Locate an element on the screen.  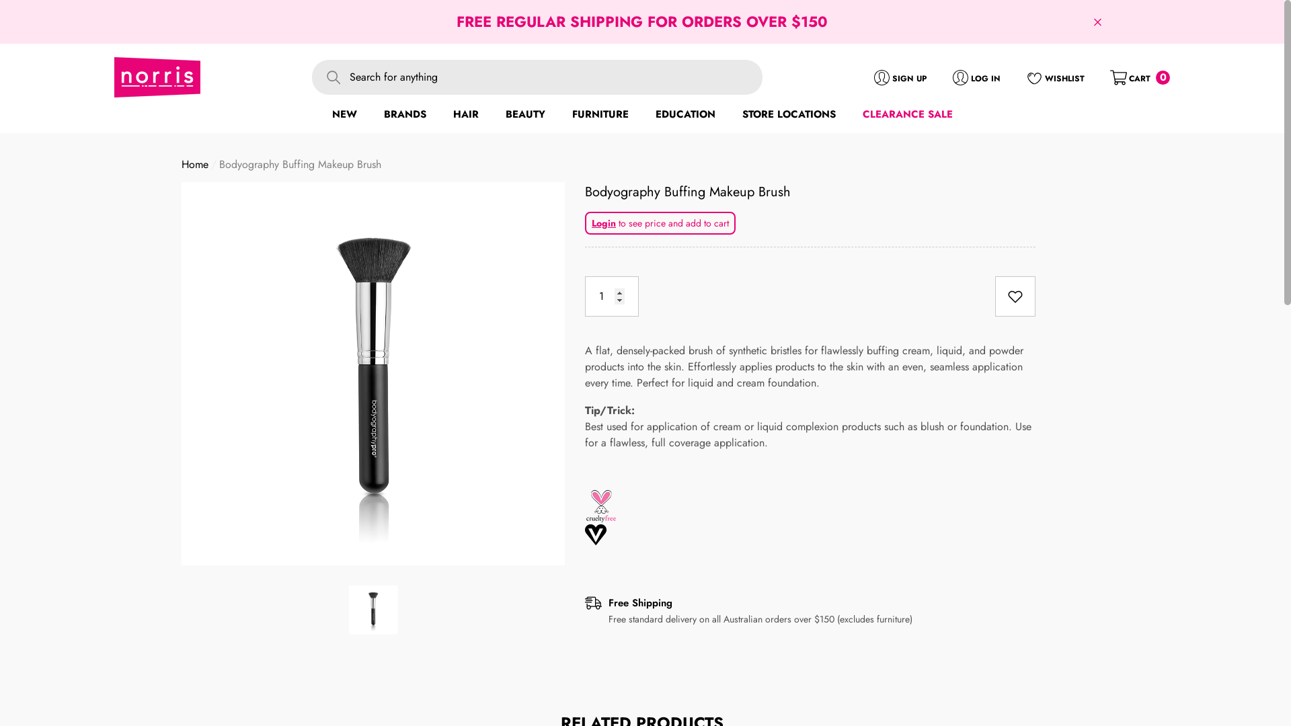
'EDUCATION' is located at coordinates (641, 114).